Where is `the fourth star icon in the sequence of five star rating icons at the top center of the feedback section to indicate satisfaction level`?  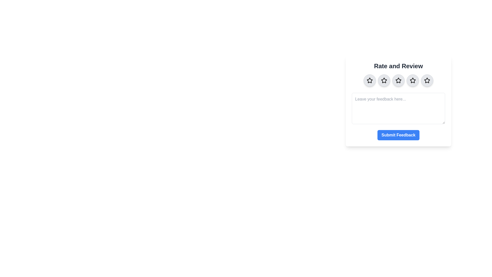
the fourth star icon in the sequence of five star rating icons at the top center of the feedback section to indicate satisfaction level is located at coordinates (412, 80).